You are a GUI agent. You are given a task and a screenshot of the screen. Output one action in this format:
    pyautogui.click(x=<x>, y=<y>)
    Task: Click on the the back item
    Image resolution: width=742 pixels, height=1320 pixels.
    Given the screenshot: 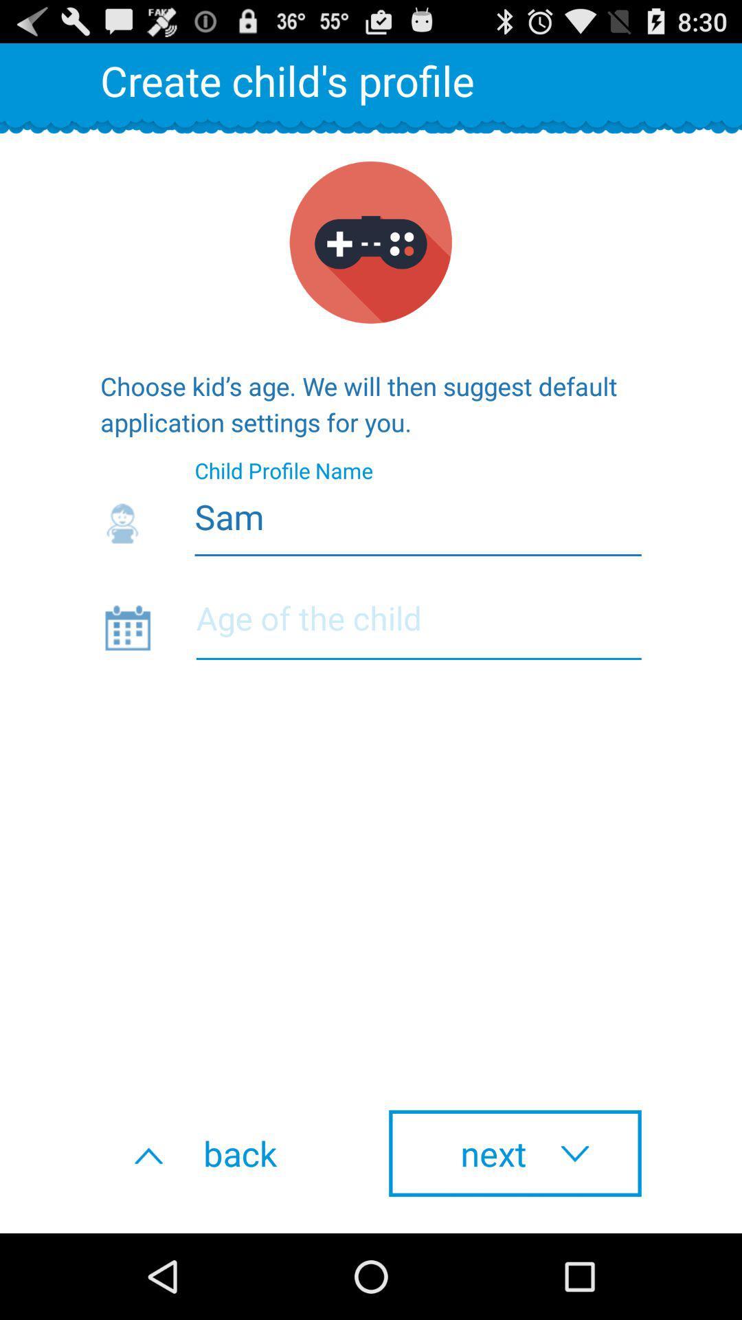 What is the action you would take?
    pyautogui.click(x=226, y=1153)
    